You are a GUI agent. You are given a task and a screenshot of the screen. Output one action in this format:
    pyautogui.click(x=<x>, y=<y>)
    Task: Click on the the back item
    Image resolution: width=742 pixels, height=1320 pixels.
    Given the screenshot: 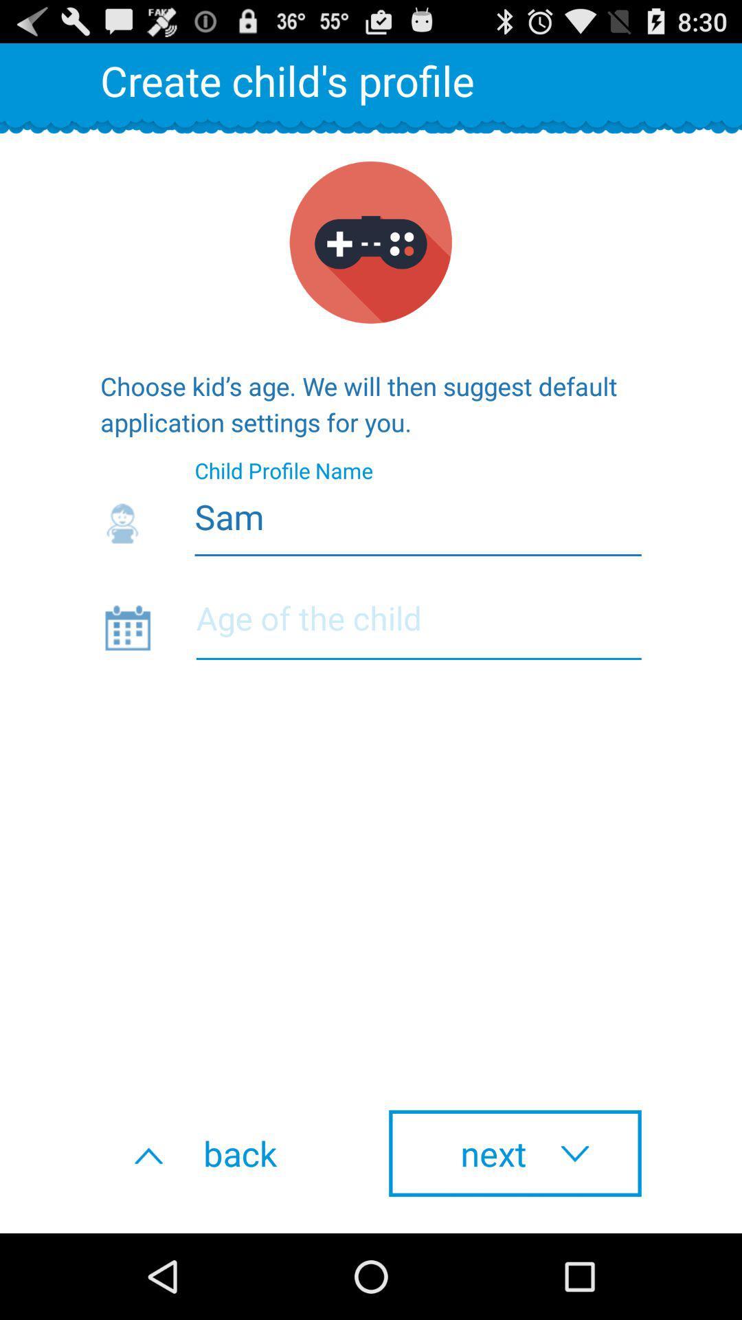 What is the action you would take?
    pyautogui.click(x=226, y=1153)
    